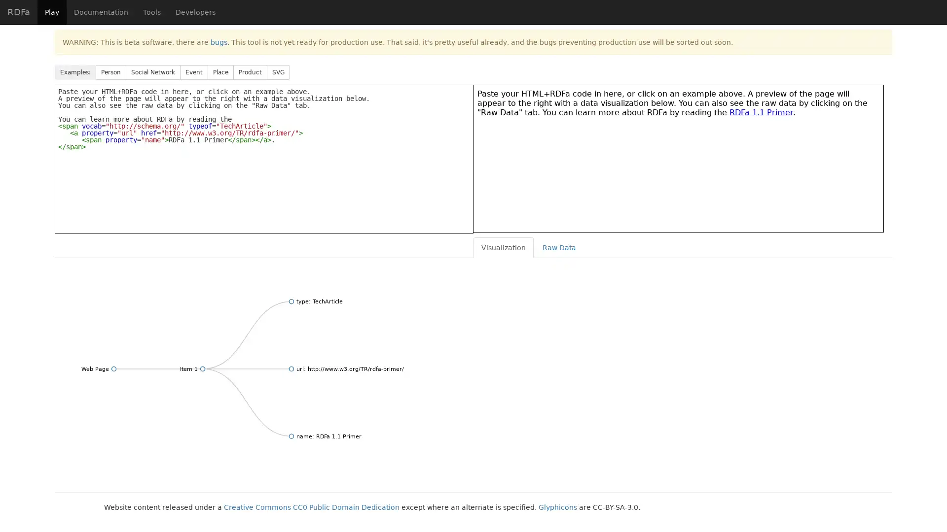 This screenshot has height=532, width=947. What do you see at coordinates (75, 71) in the screenshot?
I see `Examples:` at bounding box center [75, 71].